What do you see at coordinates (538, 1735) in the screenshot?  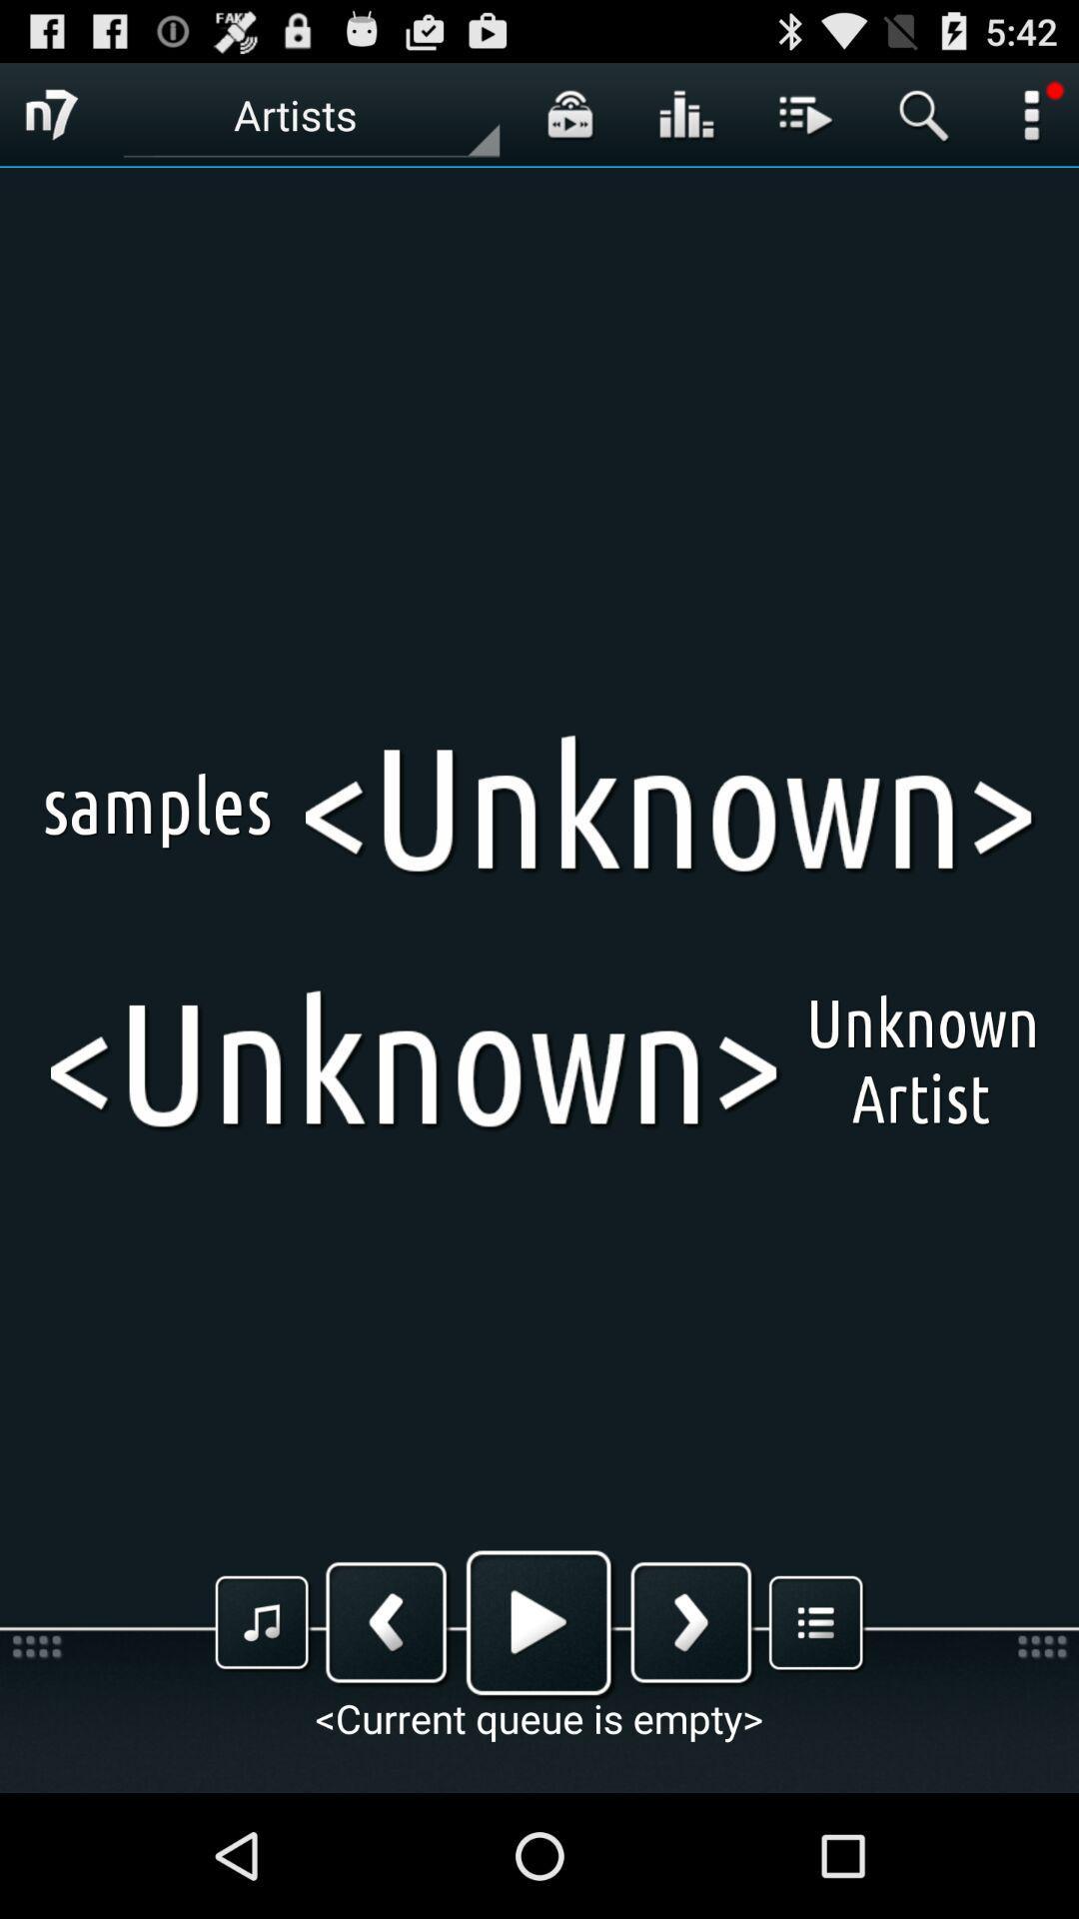 I see `the play icon` at bounding box center [538, 1735].